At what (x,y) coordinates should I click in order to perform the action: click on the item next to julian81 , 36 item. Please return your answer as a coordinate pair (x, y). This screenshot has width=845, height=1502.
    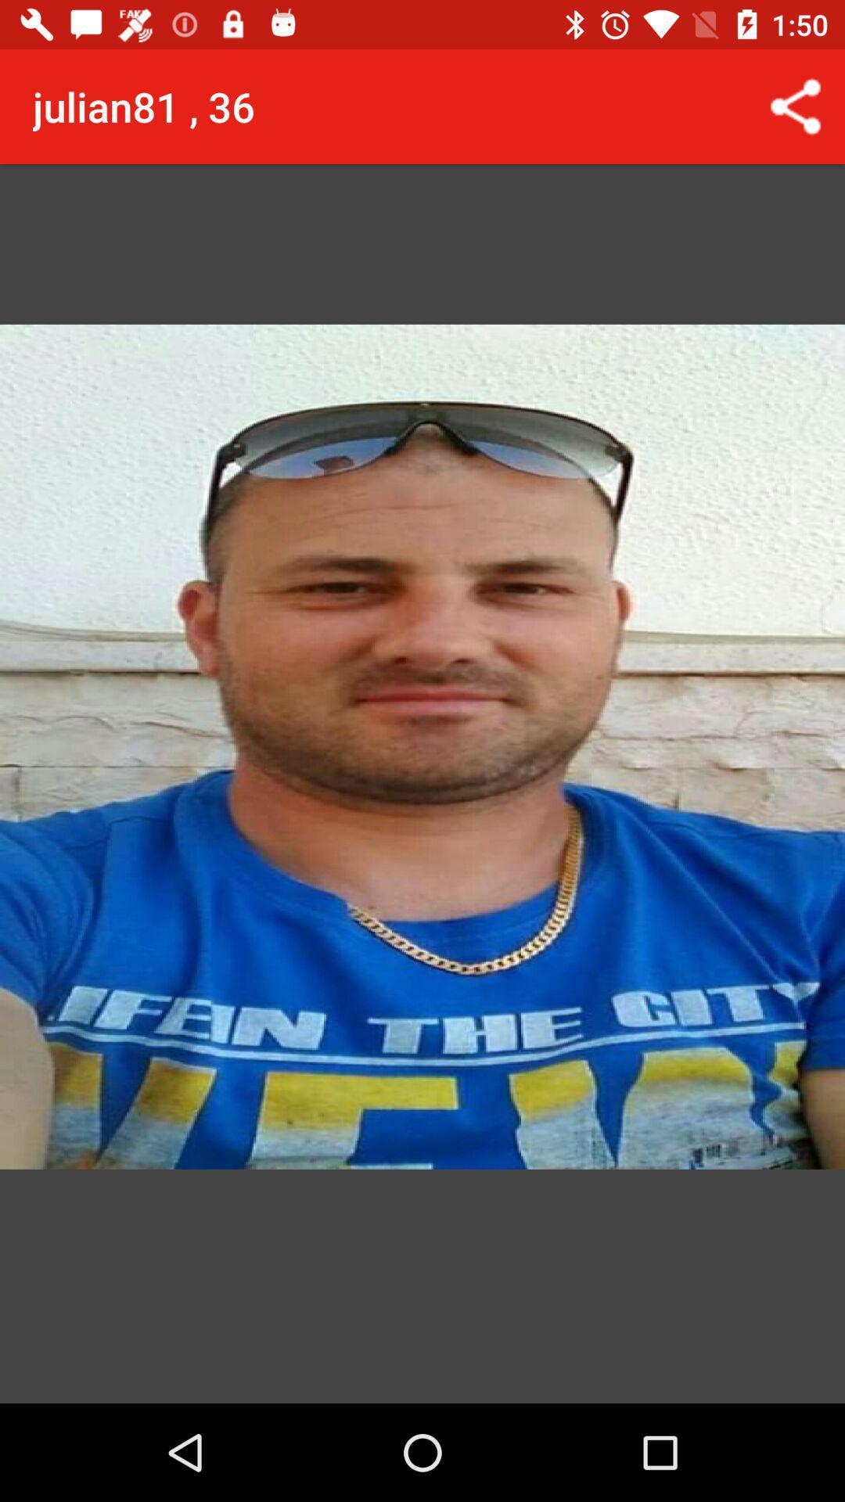
    Looking at the image, I should click on (796, 106).